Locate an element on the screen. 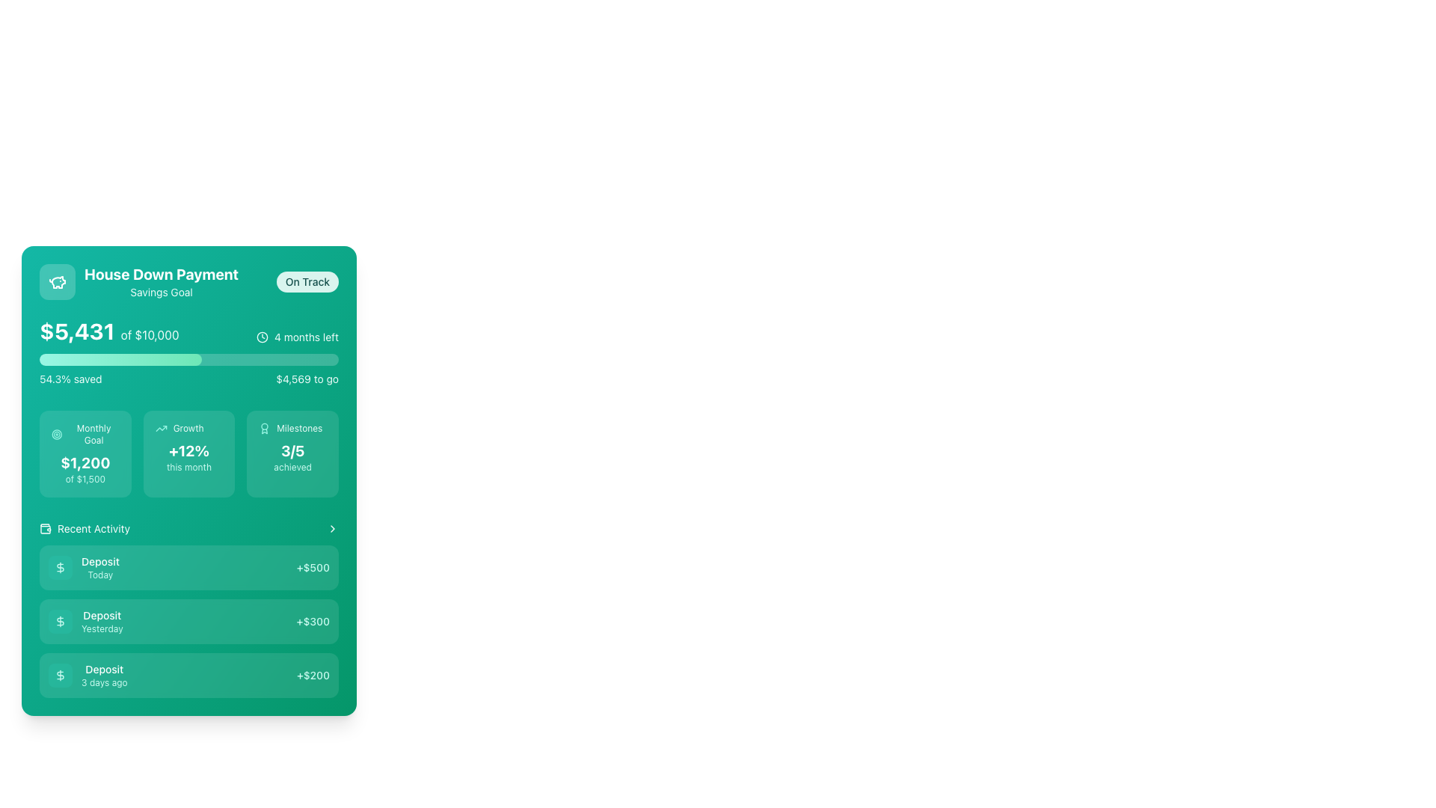 Image resolution: width=1436 pixels, height=808 pixels. the Text label representing today's deposit transaction in the 'Recent Activity' section of the card is located at coordinates (83, 568).